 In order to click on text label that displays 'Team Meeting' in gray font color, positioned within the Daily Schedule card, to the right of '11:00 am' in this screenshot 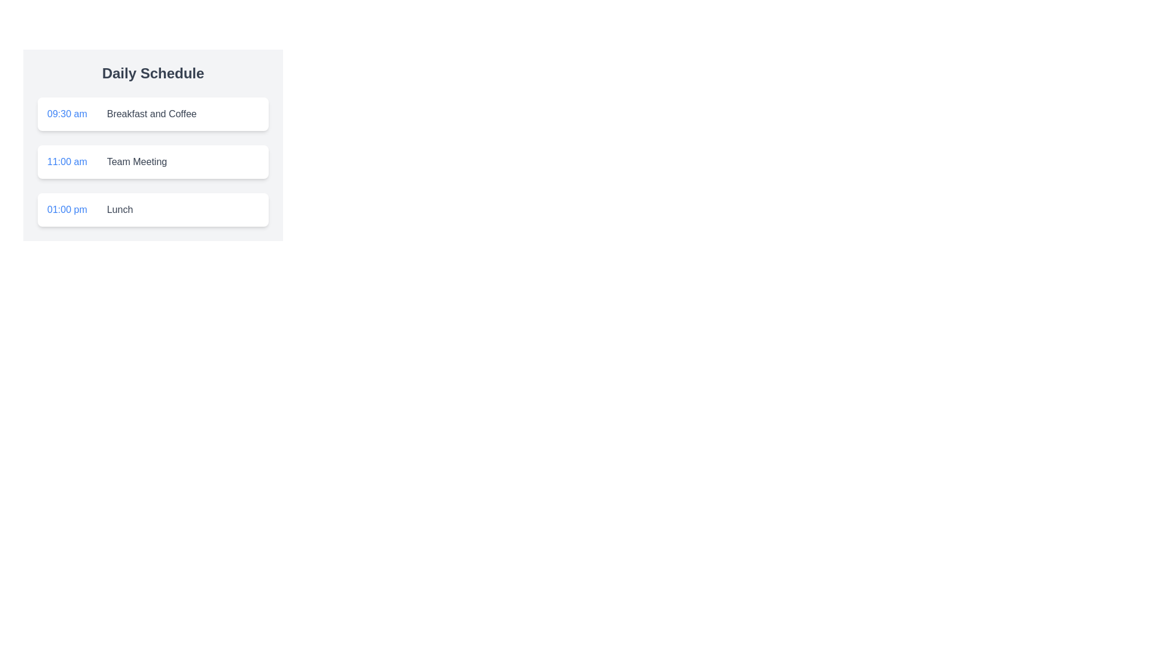, I will do `click(132, 161)`.